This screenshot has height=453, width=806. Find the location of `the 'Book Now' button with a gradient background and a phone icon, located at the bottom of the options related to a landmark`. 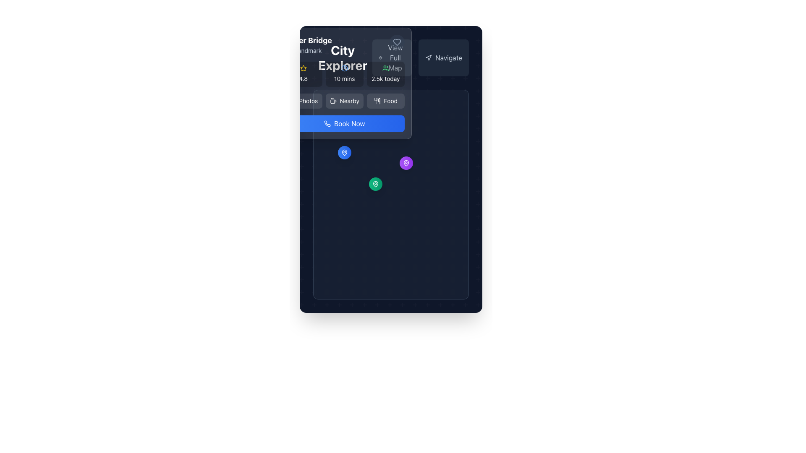

the 'Book Now' button with a gradient background and a phone icon, located at the bottom of the options related to a landmark is located at coordinates (344, 124).